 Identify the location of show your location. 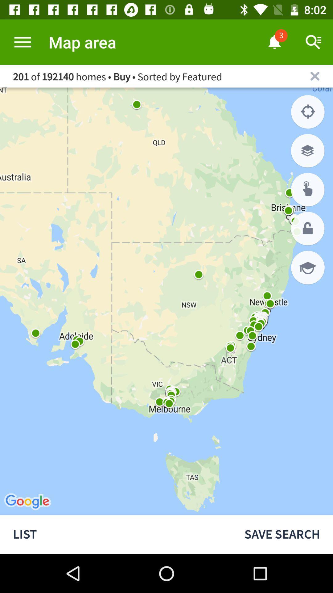
(308, 112).